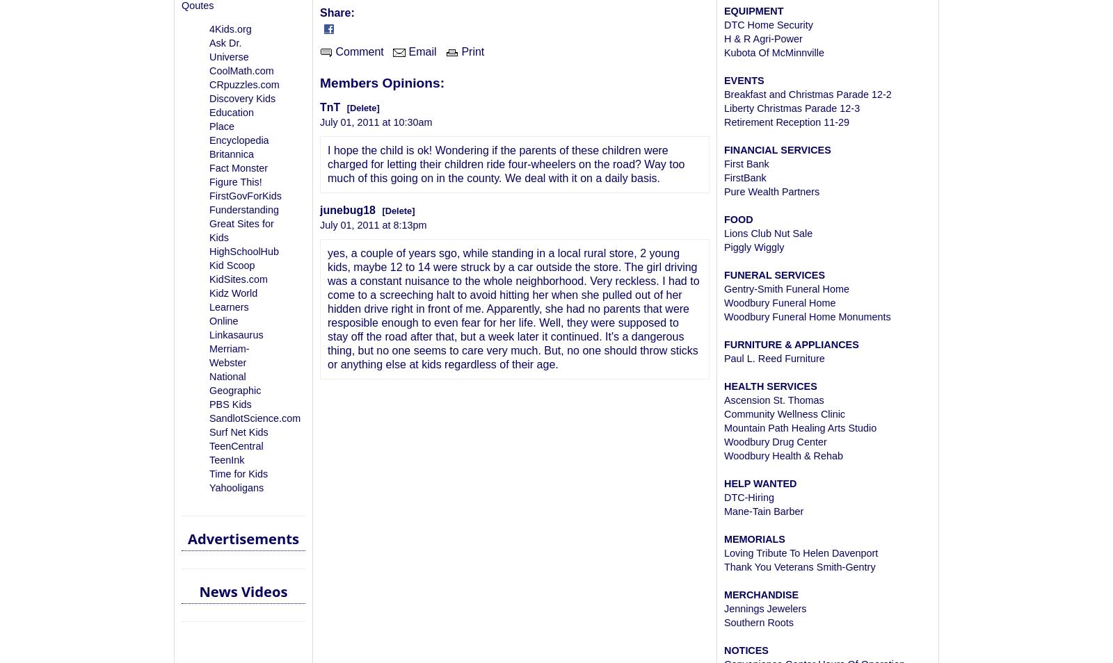 The width and height of the screenshot is (1113, 663). Describe the element at coordinates (779, 302) in the screenshot. I see `'Woodbury Funeral Home'` at that location.